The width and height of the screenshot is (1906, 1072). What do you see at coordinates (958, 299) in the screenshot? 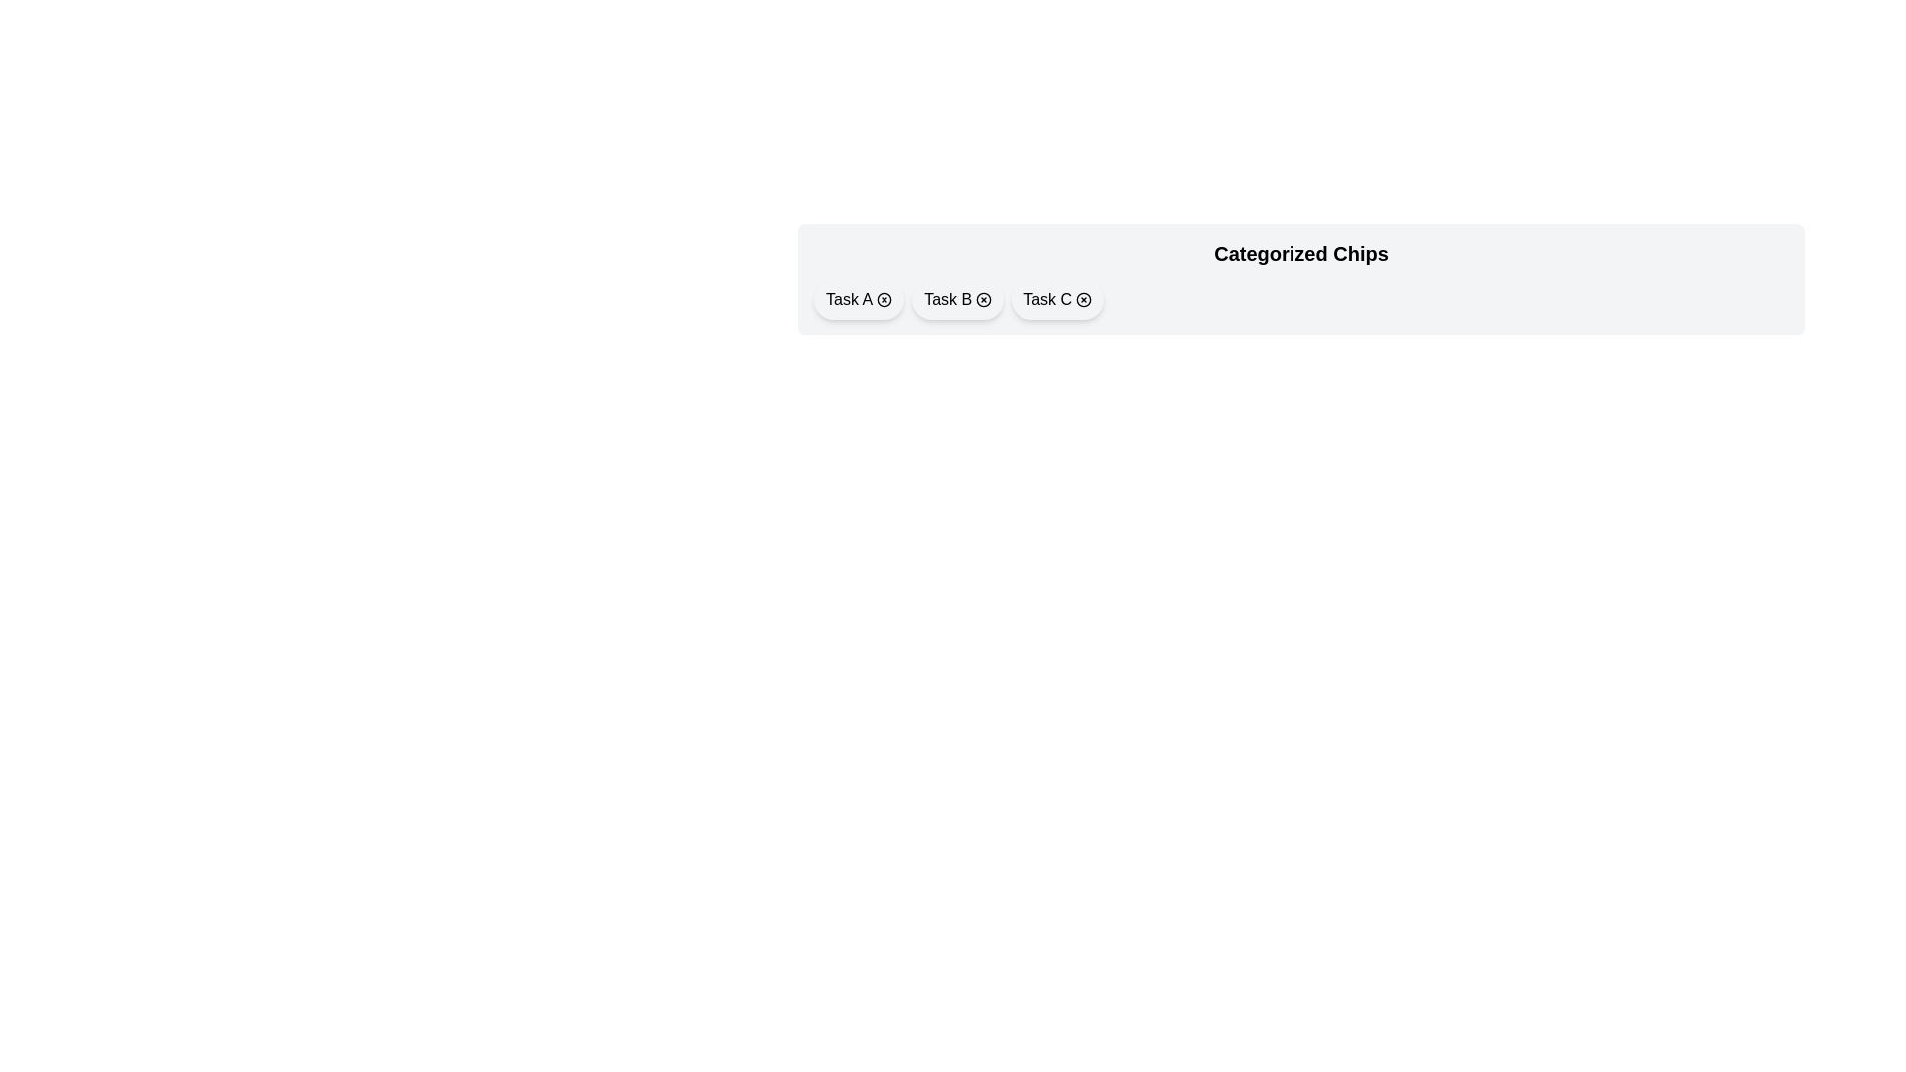
I see `the chip labeled Task B to toggle its selection state` at bounding box center [958, 299].